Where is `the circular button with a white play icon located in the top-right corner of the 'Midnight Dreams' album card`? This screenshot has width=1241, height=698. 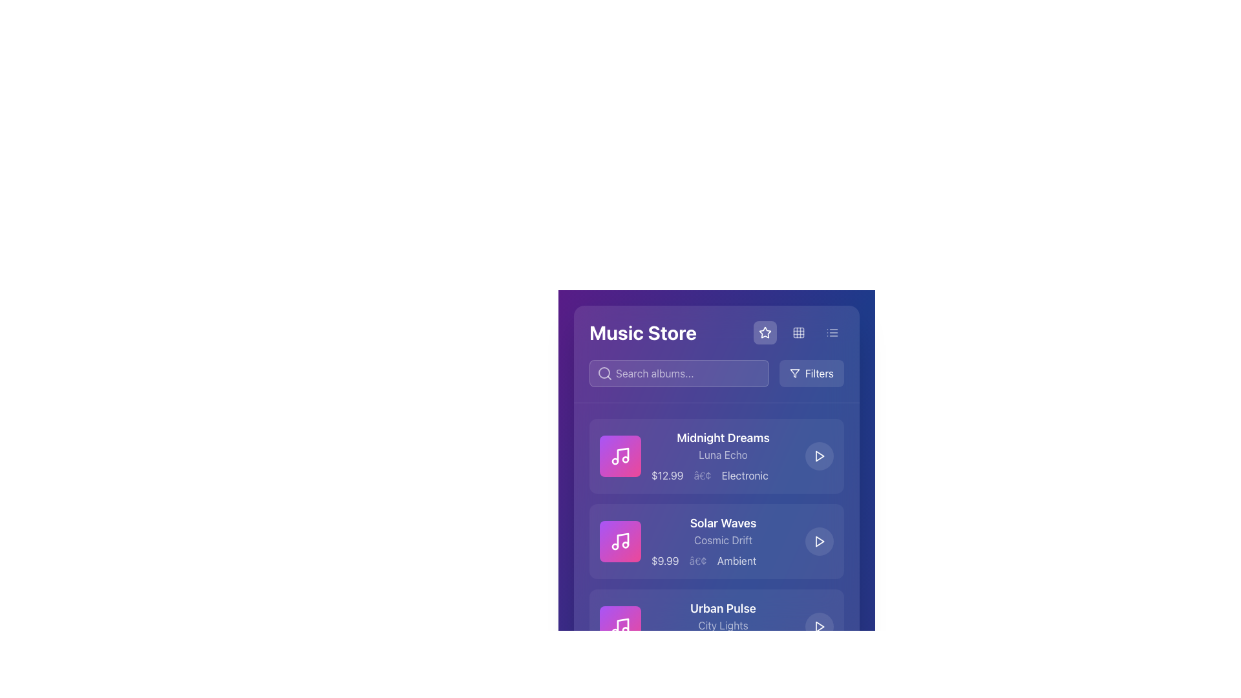
the circular button with a white play icon located in the top-right corner of the 'Midnight Dreams' album card is located at coordinates (818, 455).